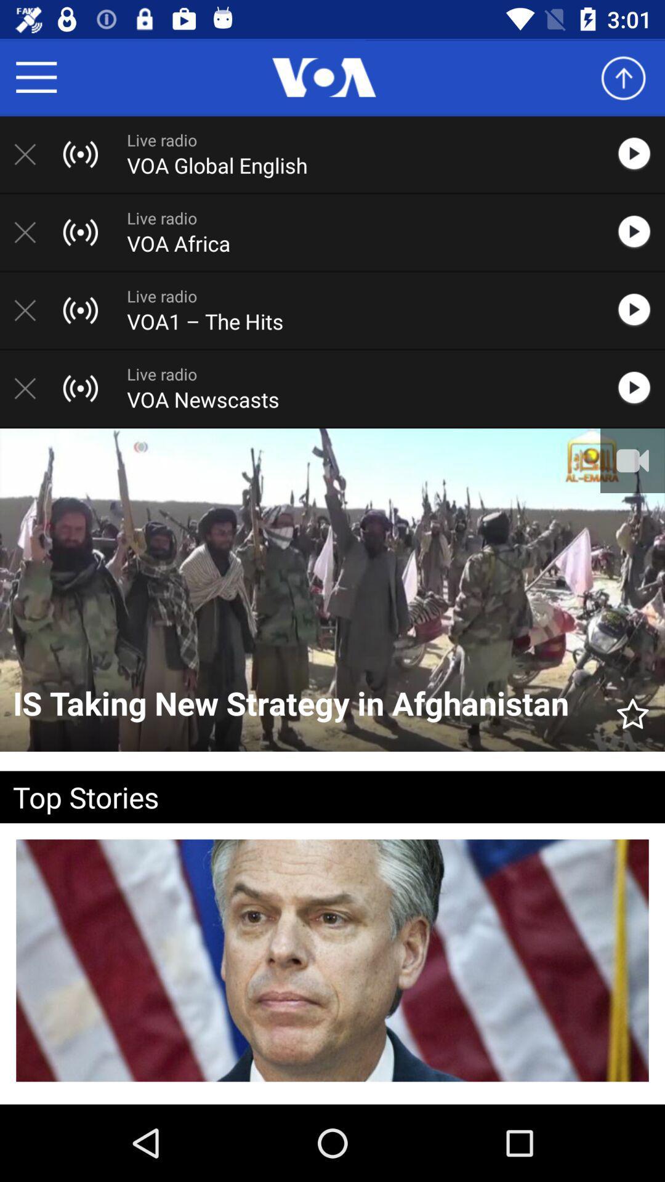 The image size is (665, 1182). What do you see at coordinates (640, 310) in the screenshot?
I see `the play icon` at bounding box center [640, 310].